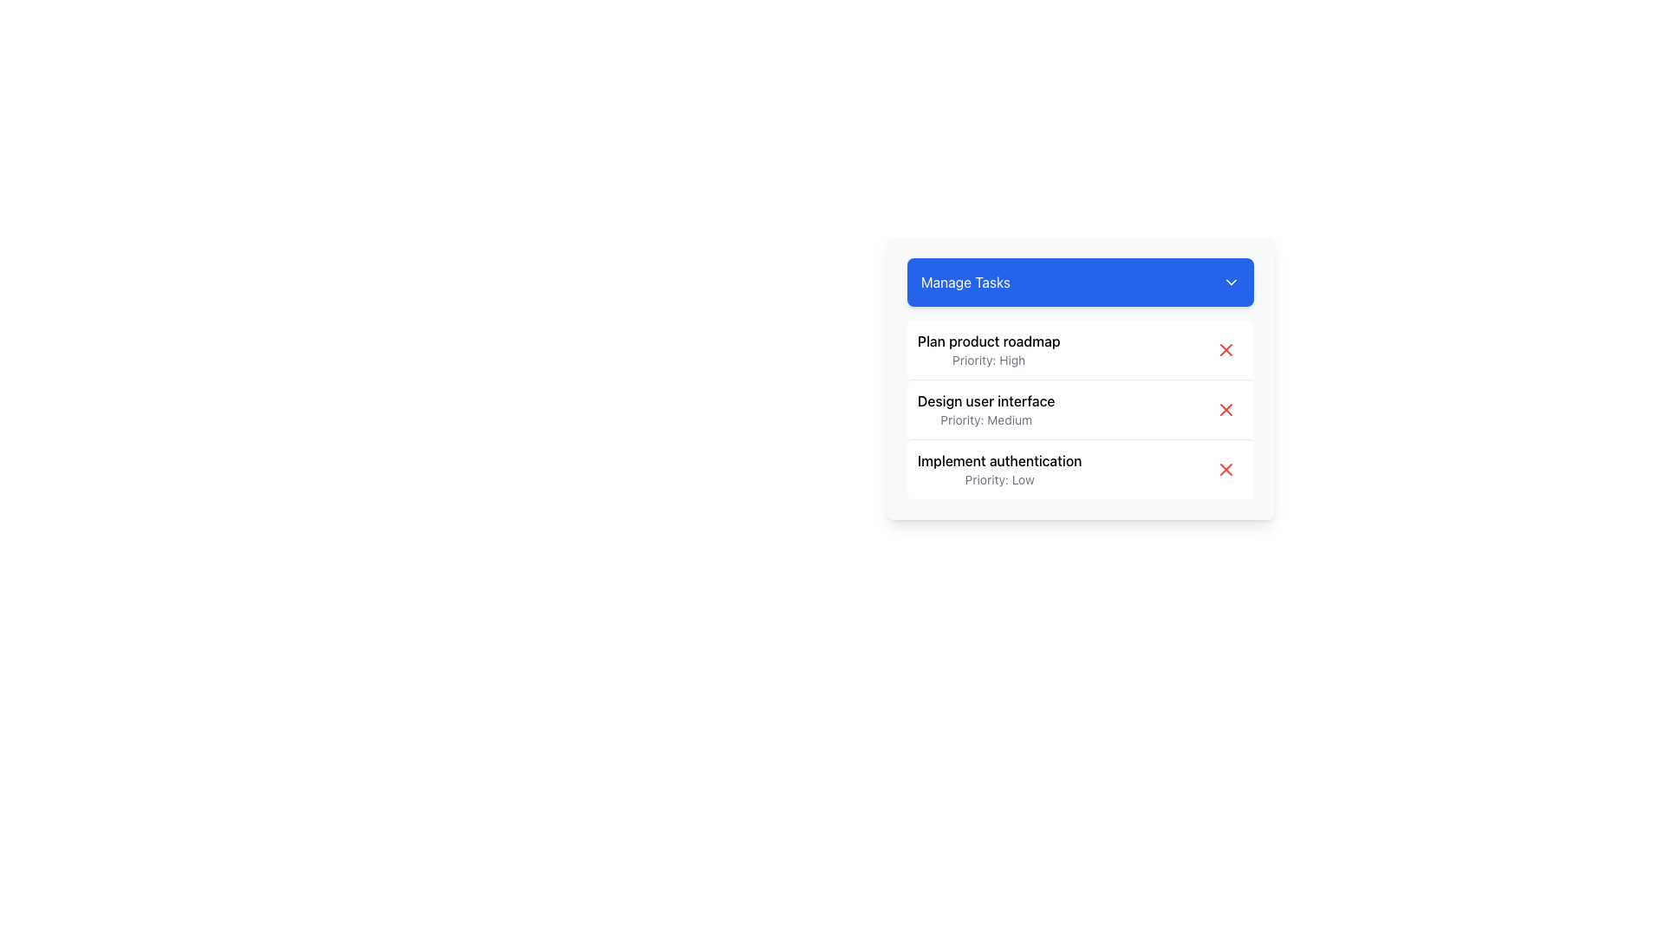  What do you see at coordinates (999, 470) in the screenshot?
I see `text displayed in the task entry located in the third row of the task management list, which shows the task's title and priority level` at bounding box center [999, 470].